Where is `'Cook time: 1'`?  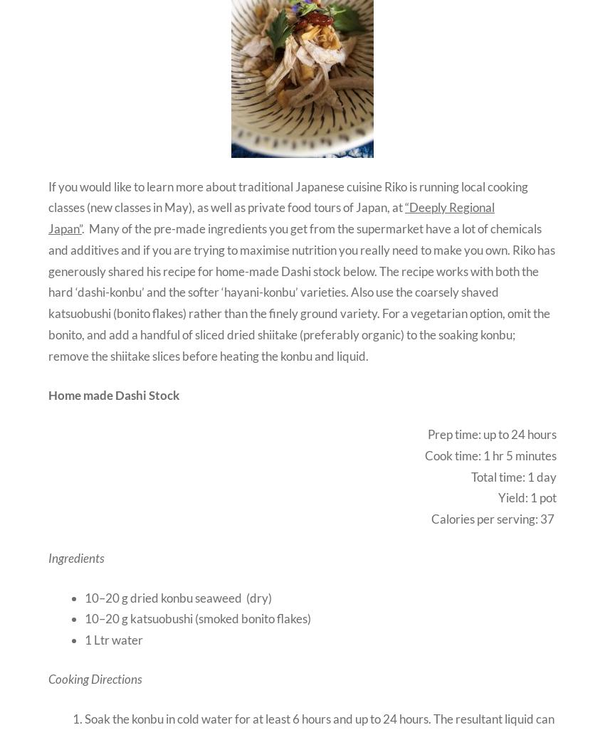
'Cook time: 1' is located at coordinates (458, 455).